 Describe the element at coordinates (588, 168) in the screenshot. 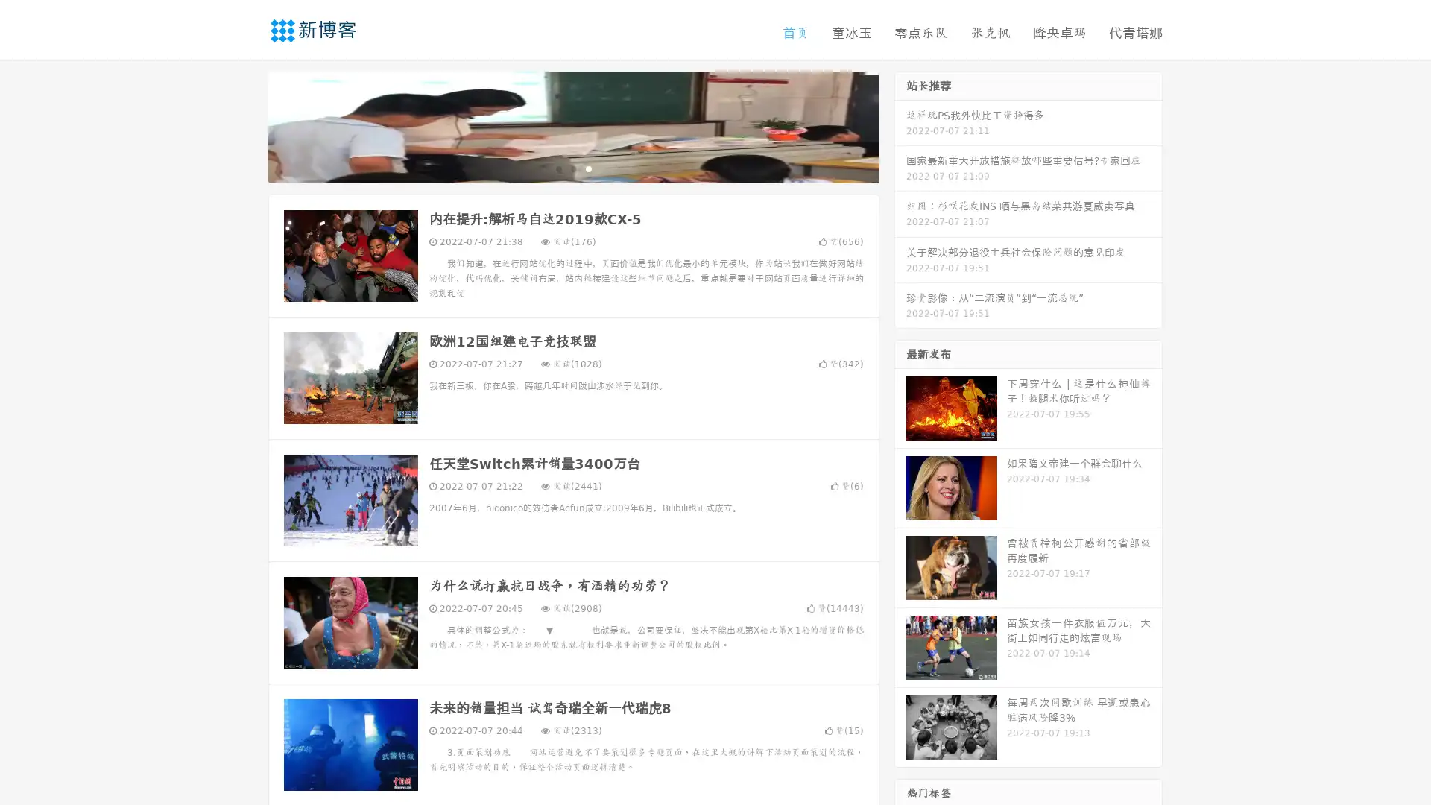

I see `Go to slide 3` at that location.